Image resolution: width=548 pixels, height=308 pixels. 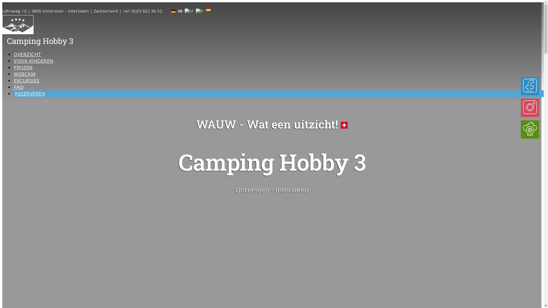 I want to click on 'Geef on een Like op Facebook!', so click(x=523, y=86).